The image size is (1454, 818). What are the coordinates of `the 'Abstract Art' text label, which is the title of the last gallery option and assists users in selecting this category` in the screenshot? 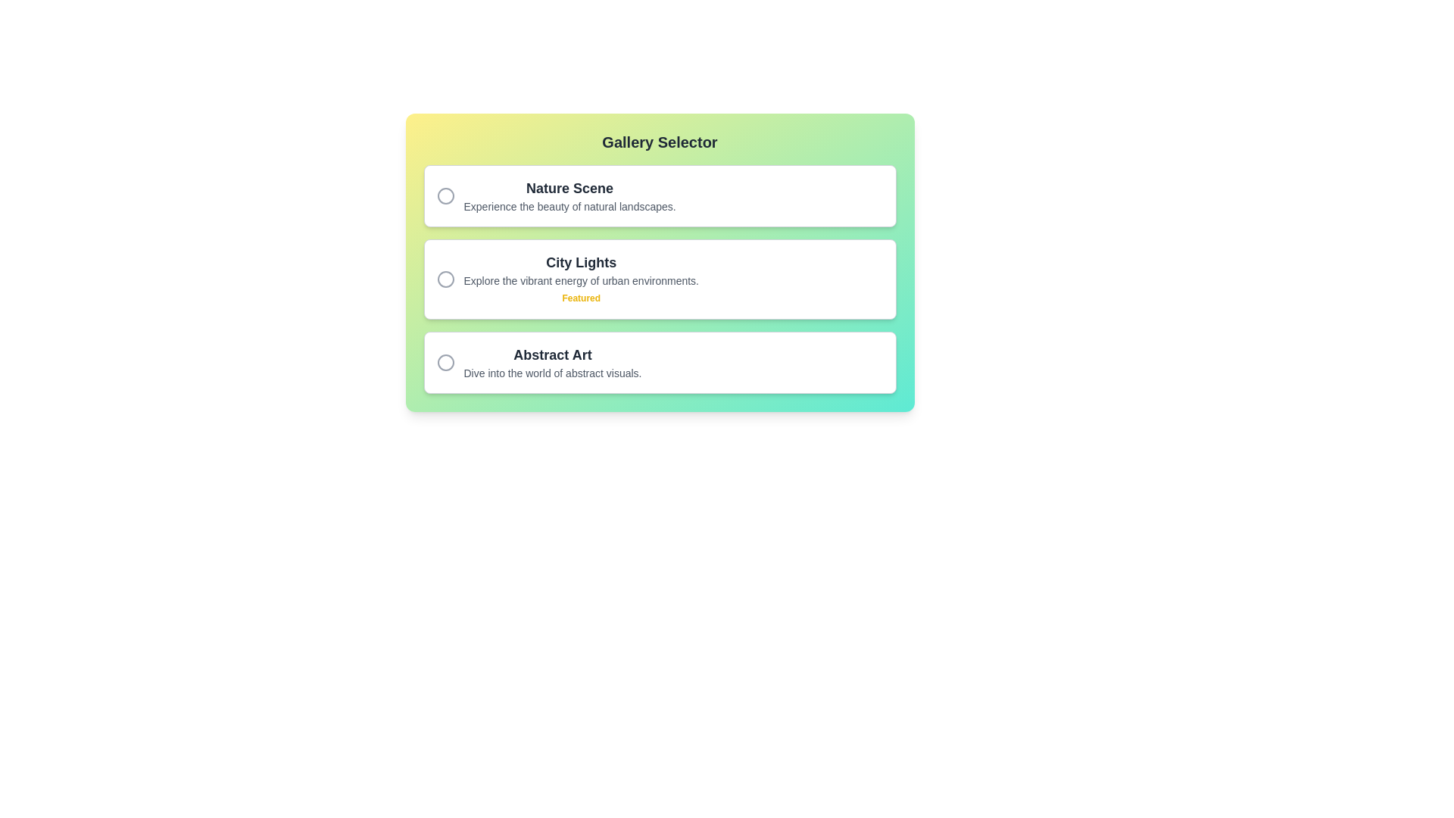 It's located at (551, 355).